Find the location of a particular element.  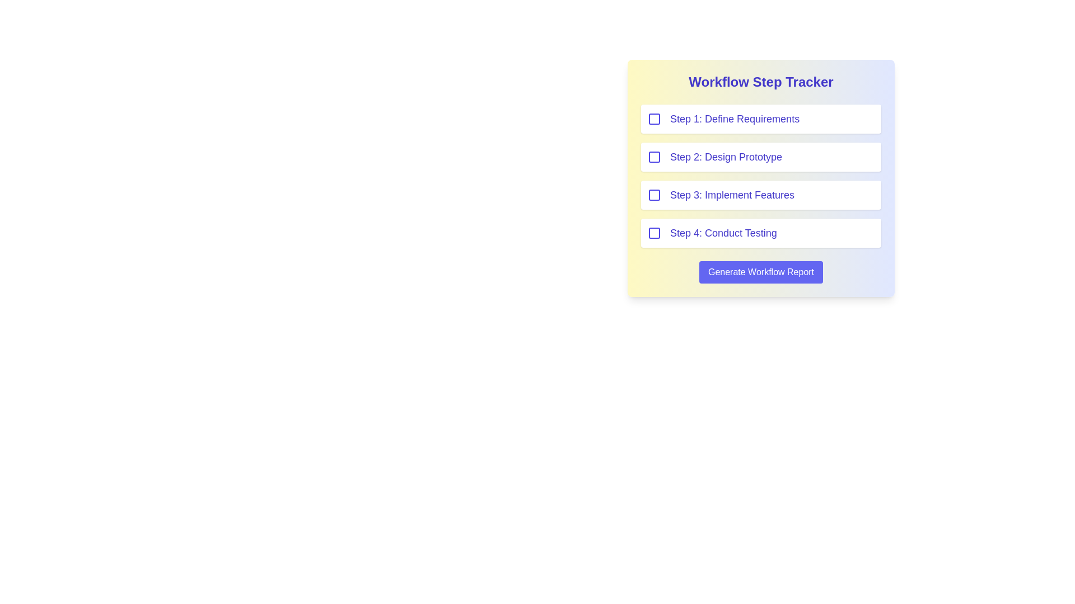

the checkbox of the third item in the 'Workflow Step Tracker' list, labeled 'Step 3: Implement Features', to mark the step as completed is located at coordinates (761, 194).